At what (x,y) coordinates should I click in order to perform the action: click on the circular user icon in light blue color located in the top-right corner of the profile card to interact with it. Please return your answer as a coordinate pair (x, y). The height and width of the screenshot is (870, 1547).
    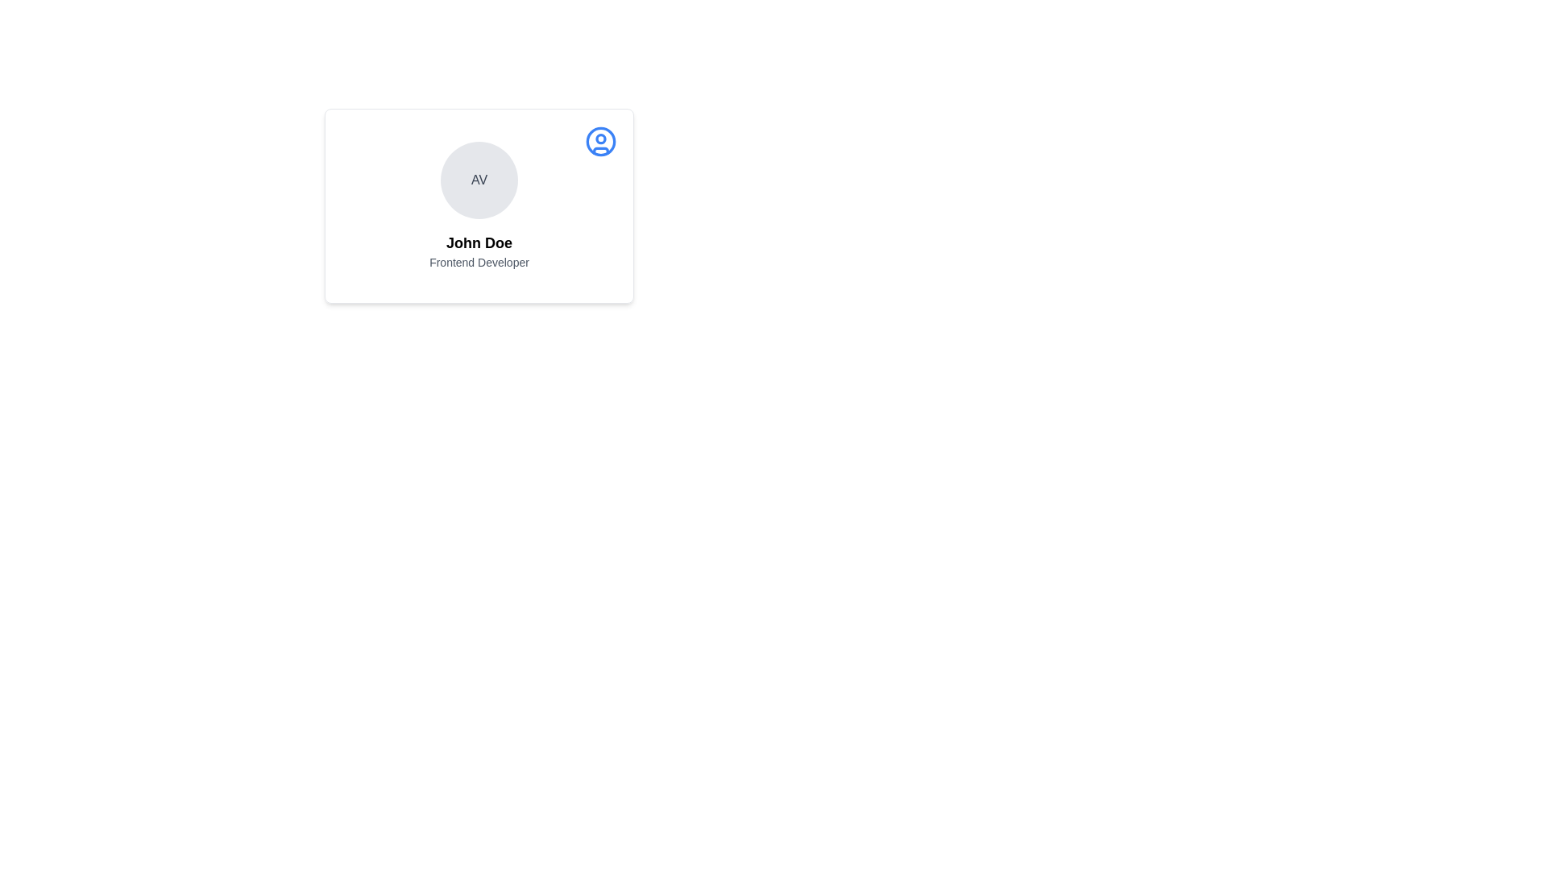
    Looking at the image, I should click on (599, 141).